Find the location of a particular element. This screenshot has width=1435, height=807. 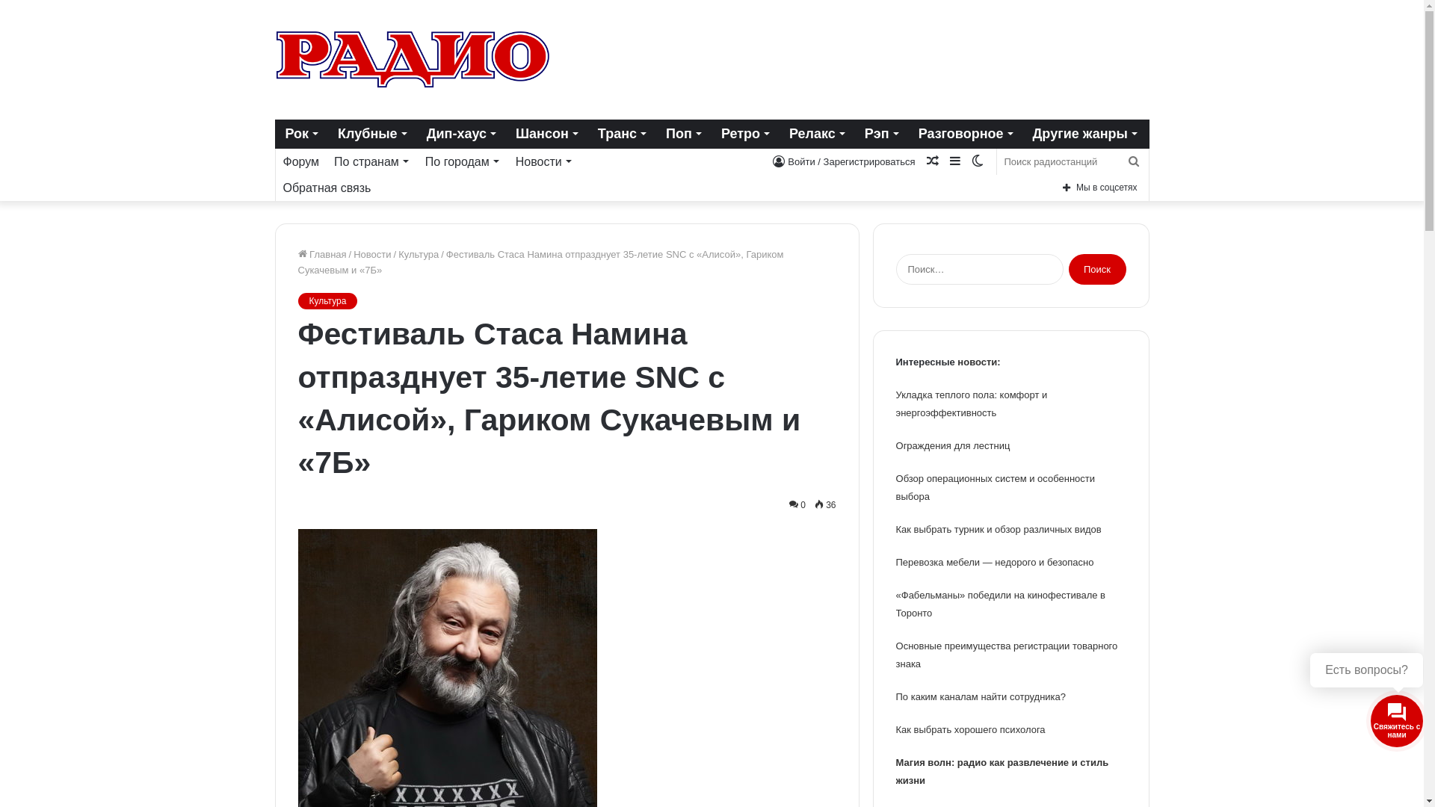

'Switch skin' is located at coordinates (976, 161).